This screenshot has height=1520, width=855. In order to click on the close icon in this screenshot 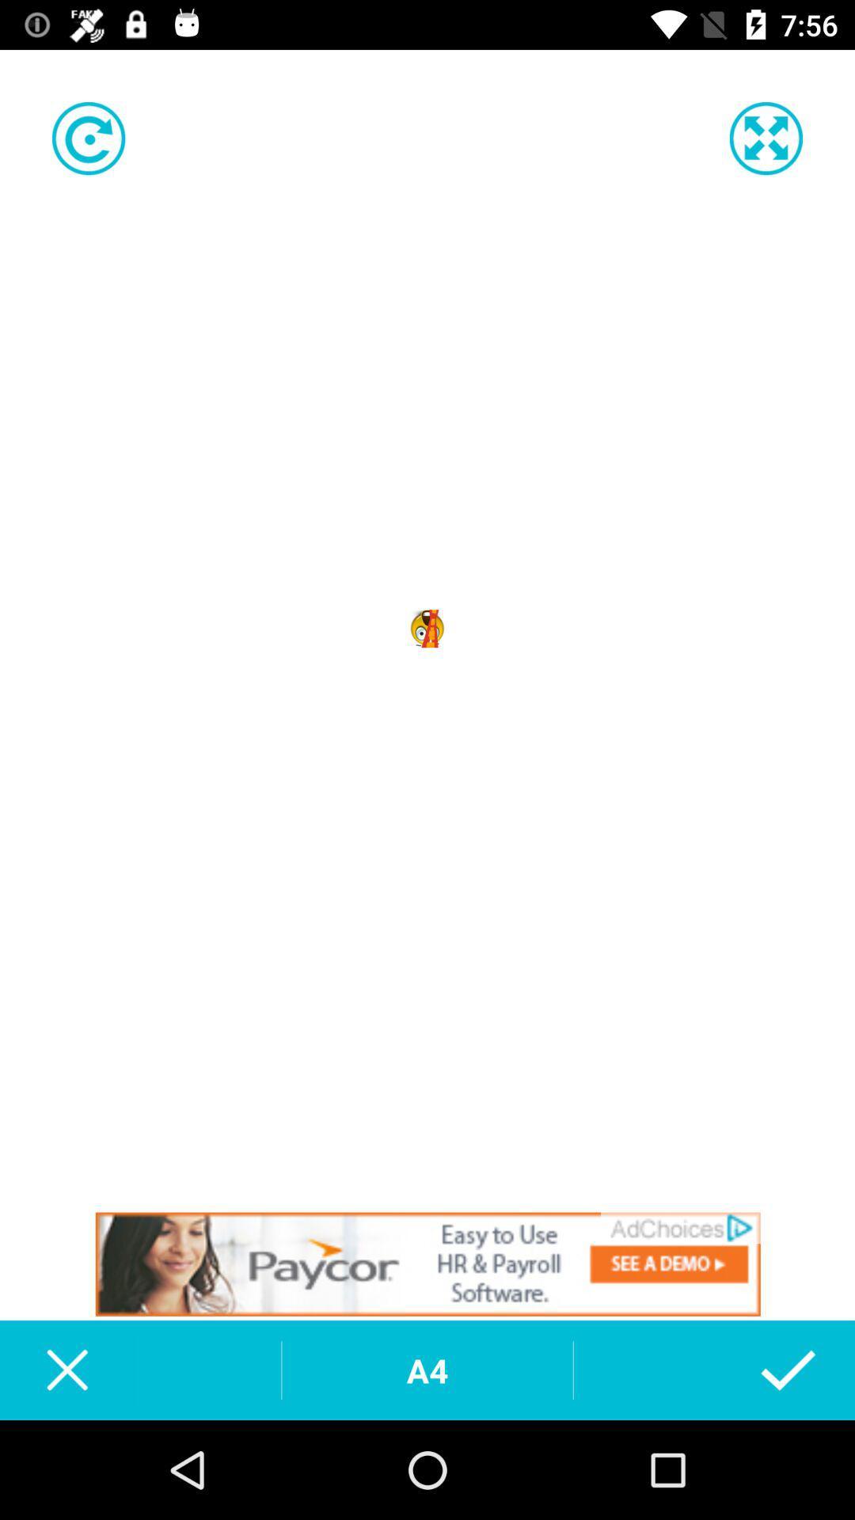, I will do `click(66, 1370)`.